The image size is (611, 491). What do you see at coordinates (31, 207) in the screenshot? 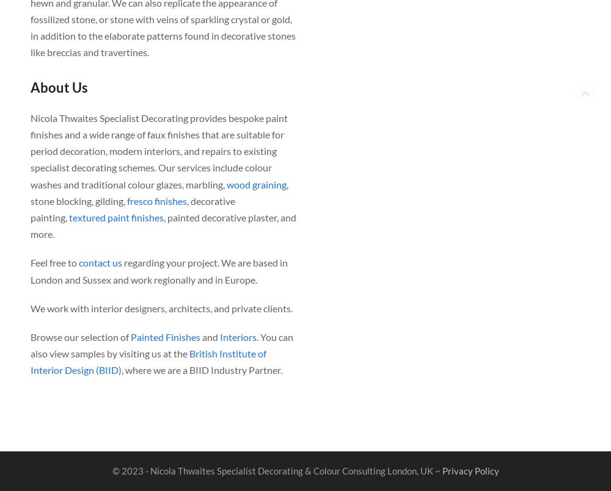
I see `', decorative painting,'` at bounding box center [31, 207].